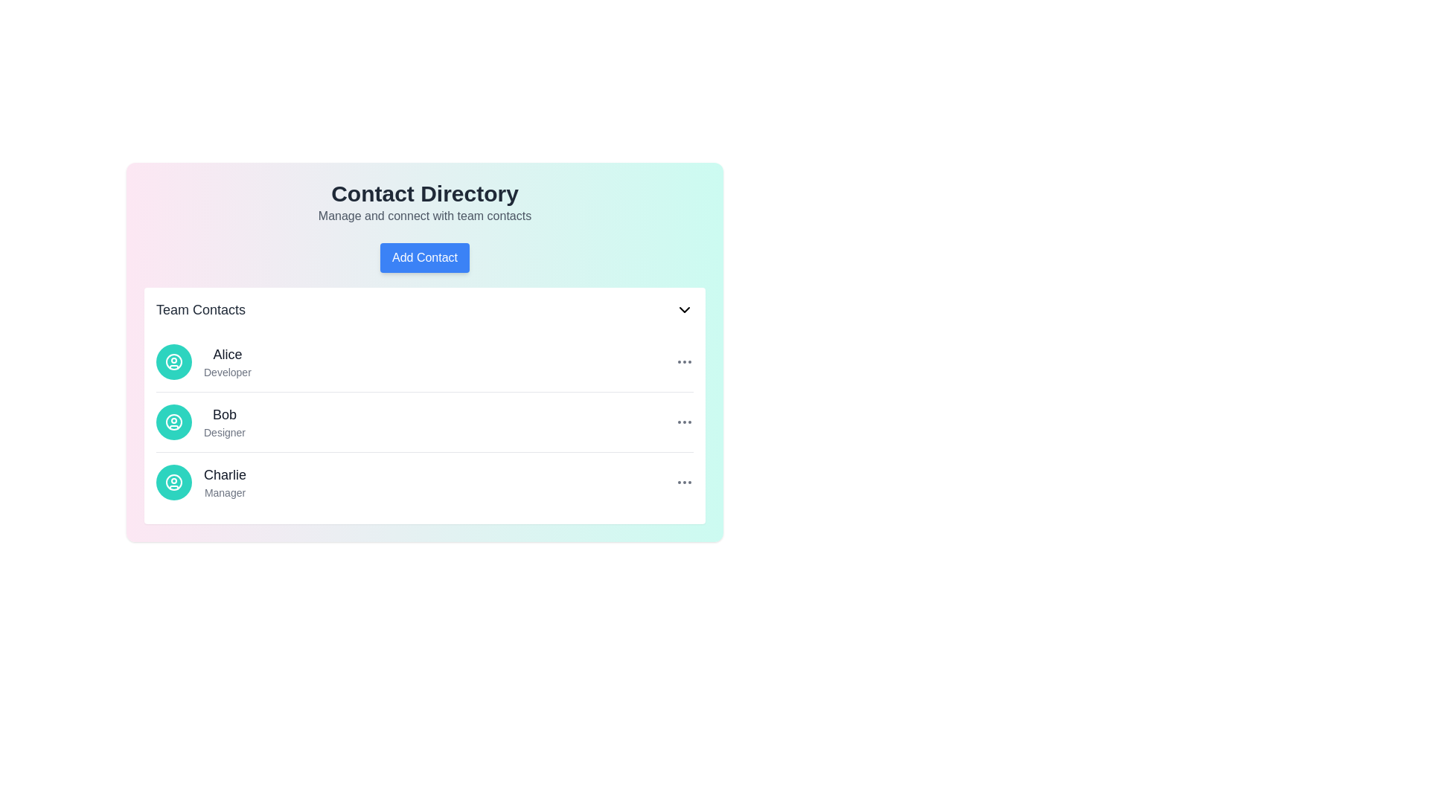 Image resolution: width=1429 pixels, height=803 pixels. Describe the element at coordinates (174, 361) in the screenshot. I see `the user icon in the 'Team Contacts' section, which has a circular boundary with a white stroke and a teal background, located to the left of the 'Alice' contact name, to initiate further actions related to the contact` at that location.